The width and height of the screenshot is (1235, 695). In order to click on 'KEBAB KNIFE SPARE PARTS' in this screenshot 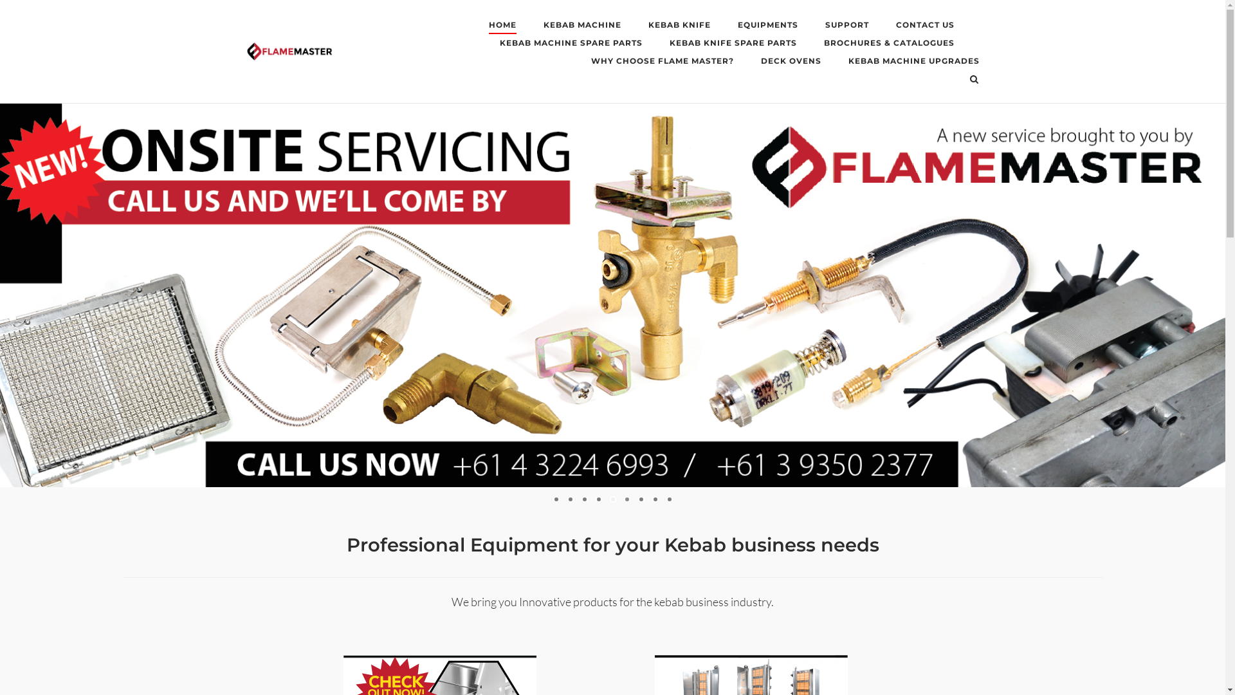, I will do `click(732, 44)`.